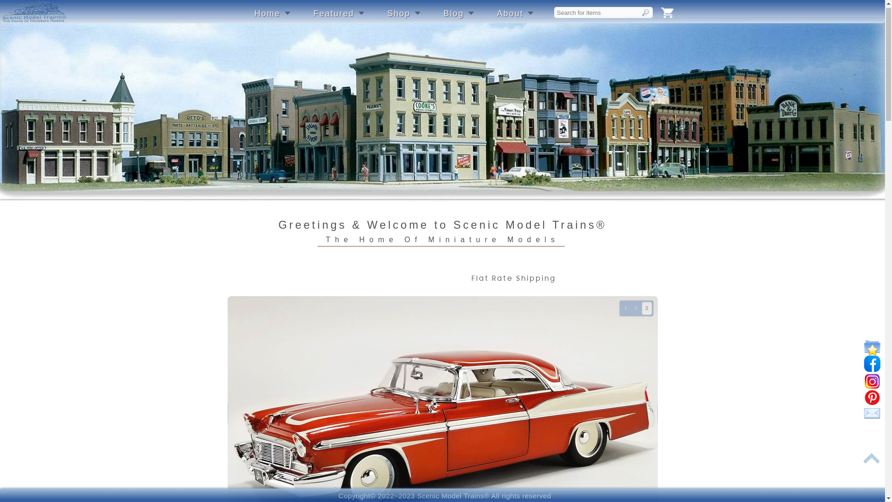  I want to click on 'About', so click(514, 18).